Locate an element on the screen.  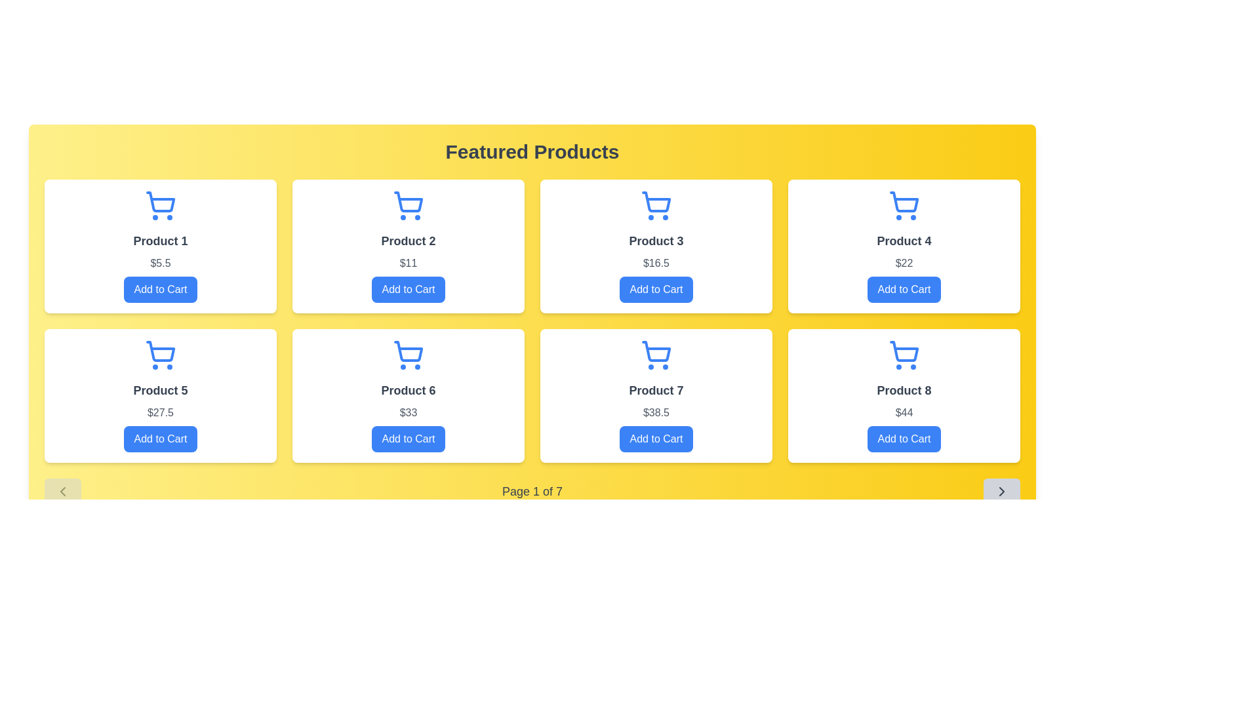
the shopping cart icon located at the top of the 'Product 3' card, which is situated above the title and price is located at coordinates (656, 205).